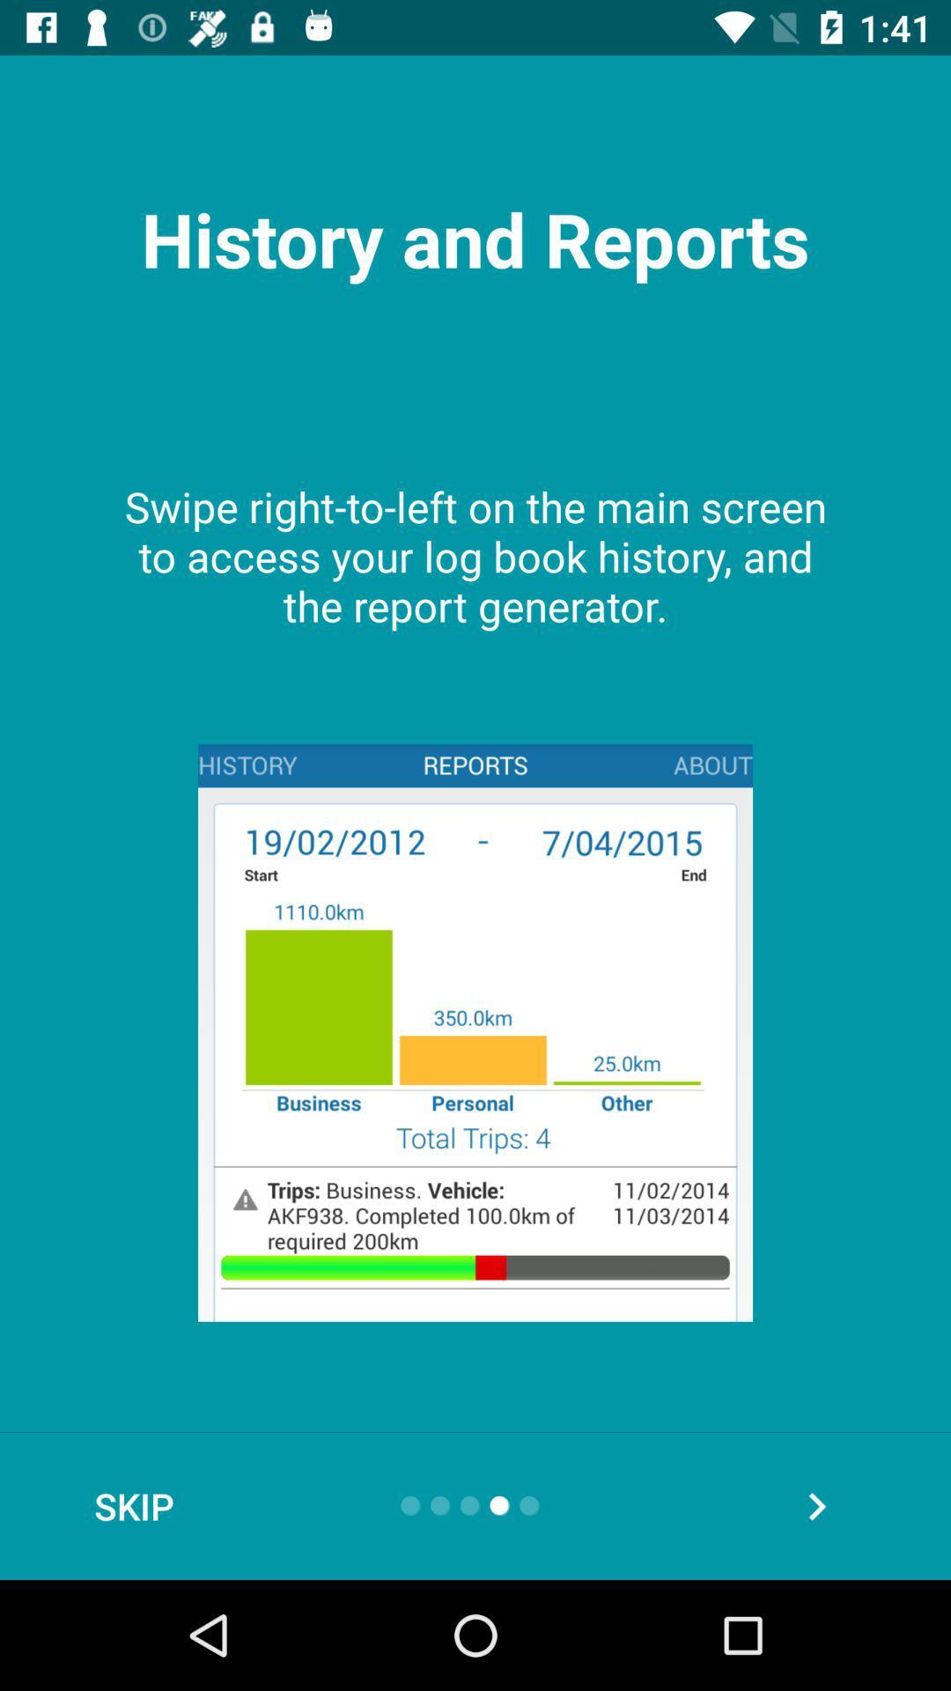  What do you see at coordinates (816, 1505) in the screenshot?
I see `icon at the bottom right corner` at bounding box center [816, 1505].